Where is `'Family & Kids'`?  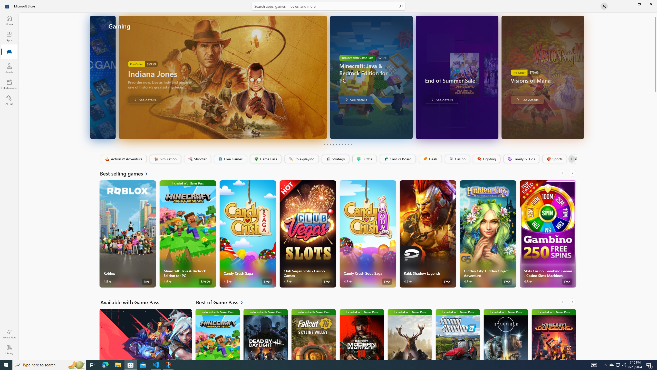 'Family & Kids' is located at coordinates (521, 159).